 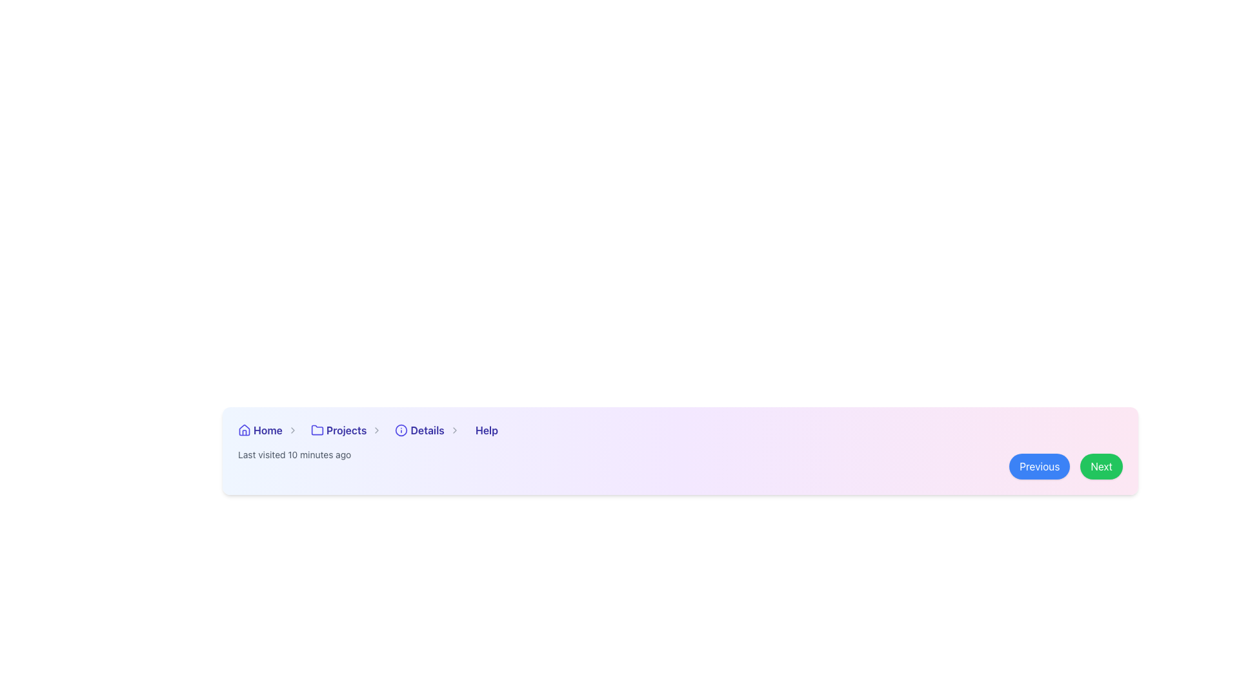 I want to click on the small folder icon with a purple outline located to the left of the text 'Projects' in the breadcrumb navigation bar, so click(x=317, y=430).